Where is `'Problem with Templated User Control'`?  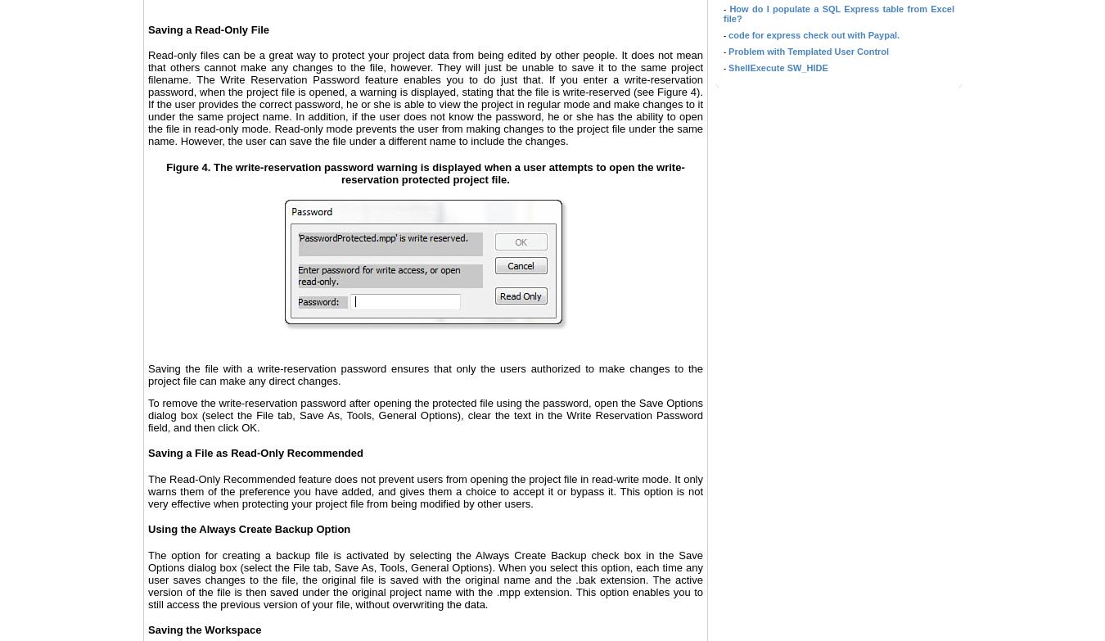 'Problem with Templated User Control' is located at coordinates (808, 52).